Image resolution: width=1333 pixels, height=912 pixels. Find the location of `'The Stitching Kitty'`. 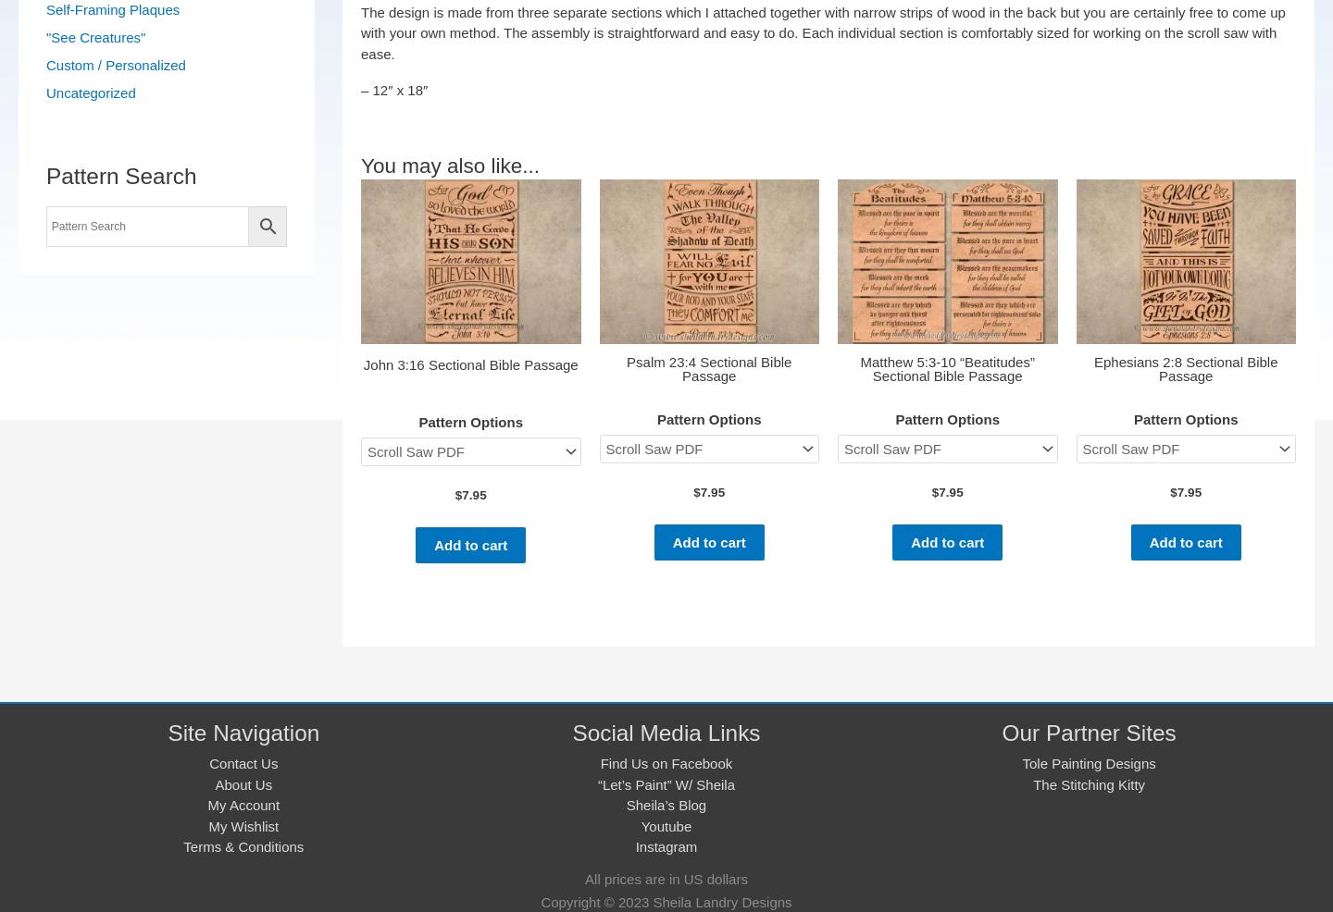

'The Stitching Kitty' is located at coordinates (1089, 783).